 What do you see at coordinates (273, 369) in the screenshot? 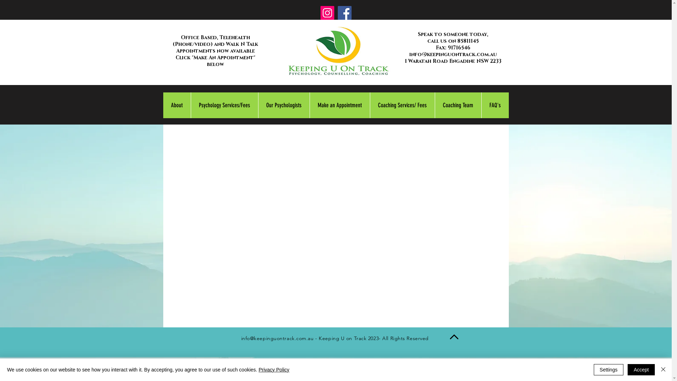
I see `'Privacy Policy'` at bounding box center [273, 369].